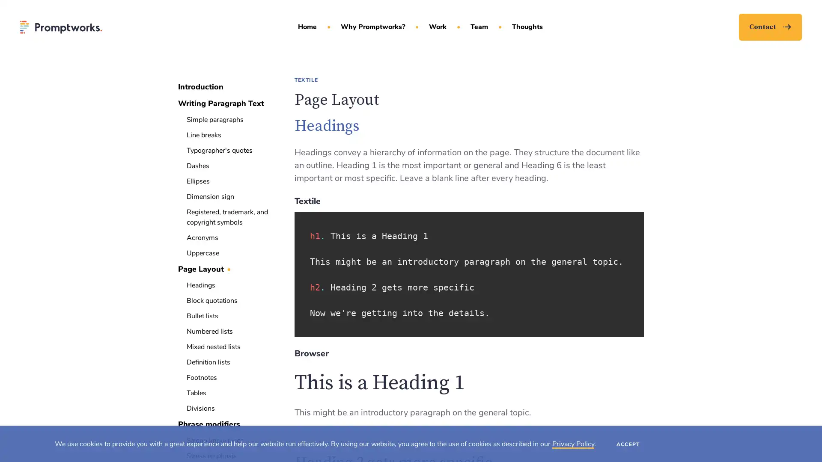 This screenshot has width=822, height=462. I want to click on Work, so click(438, 27).